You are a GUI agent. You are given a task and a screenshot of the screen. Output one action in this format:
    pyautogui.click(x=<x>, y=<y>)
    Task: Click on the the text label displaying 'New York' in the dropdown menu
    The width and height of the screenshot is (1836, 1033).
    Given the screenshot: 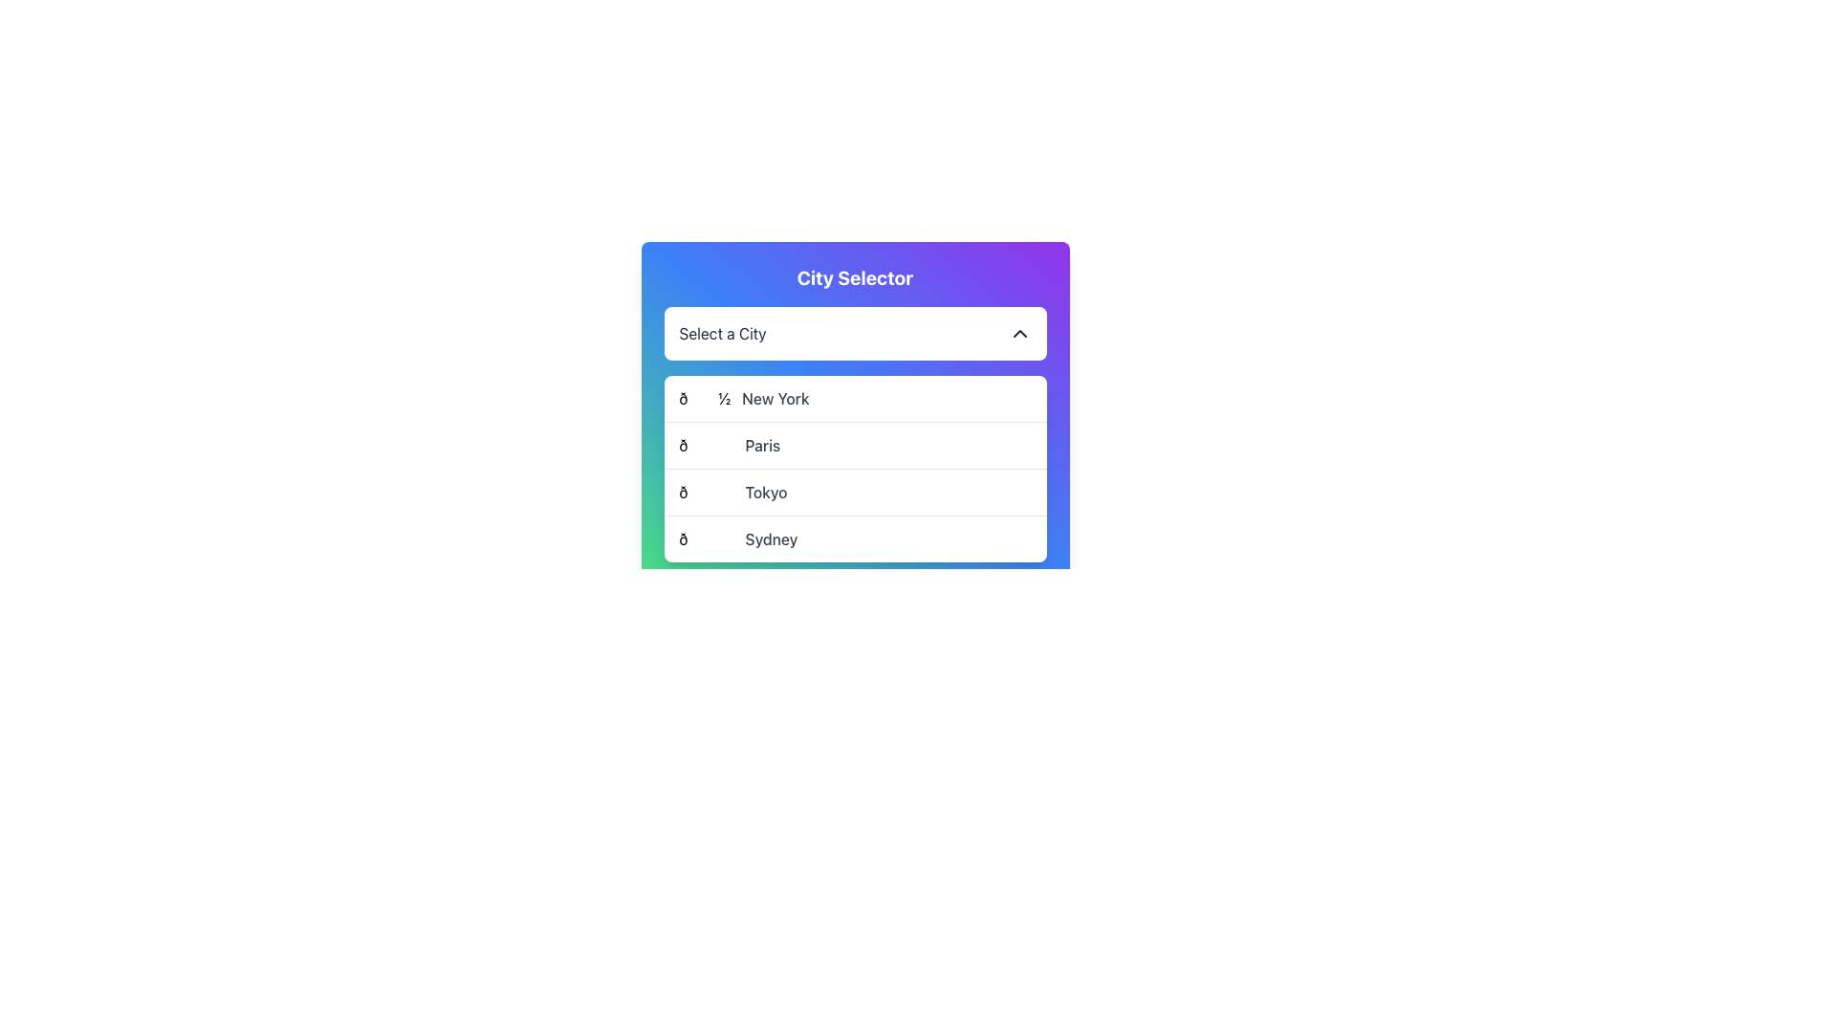 What is the action you would take?
    pyautogui.click(x=776, y=397)
    